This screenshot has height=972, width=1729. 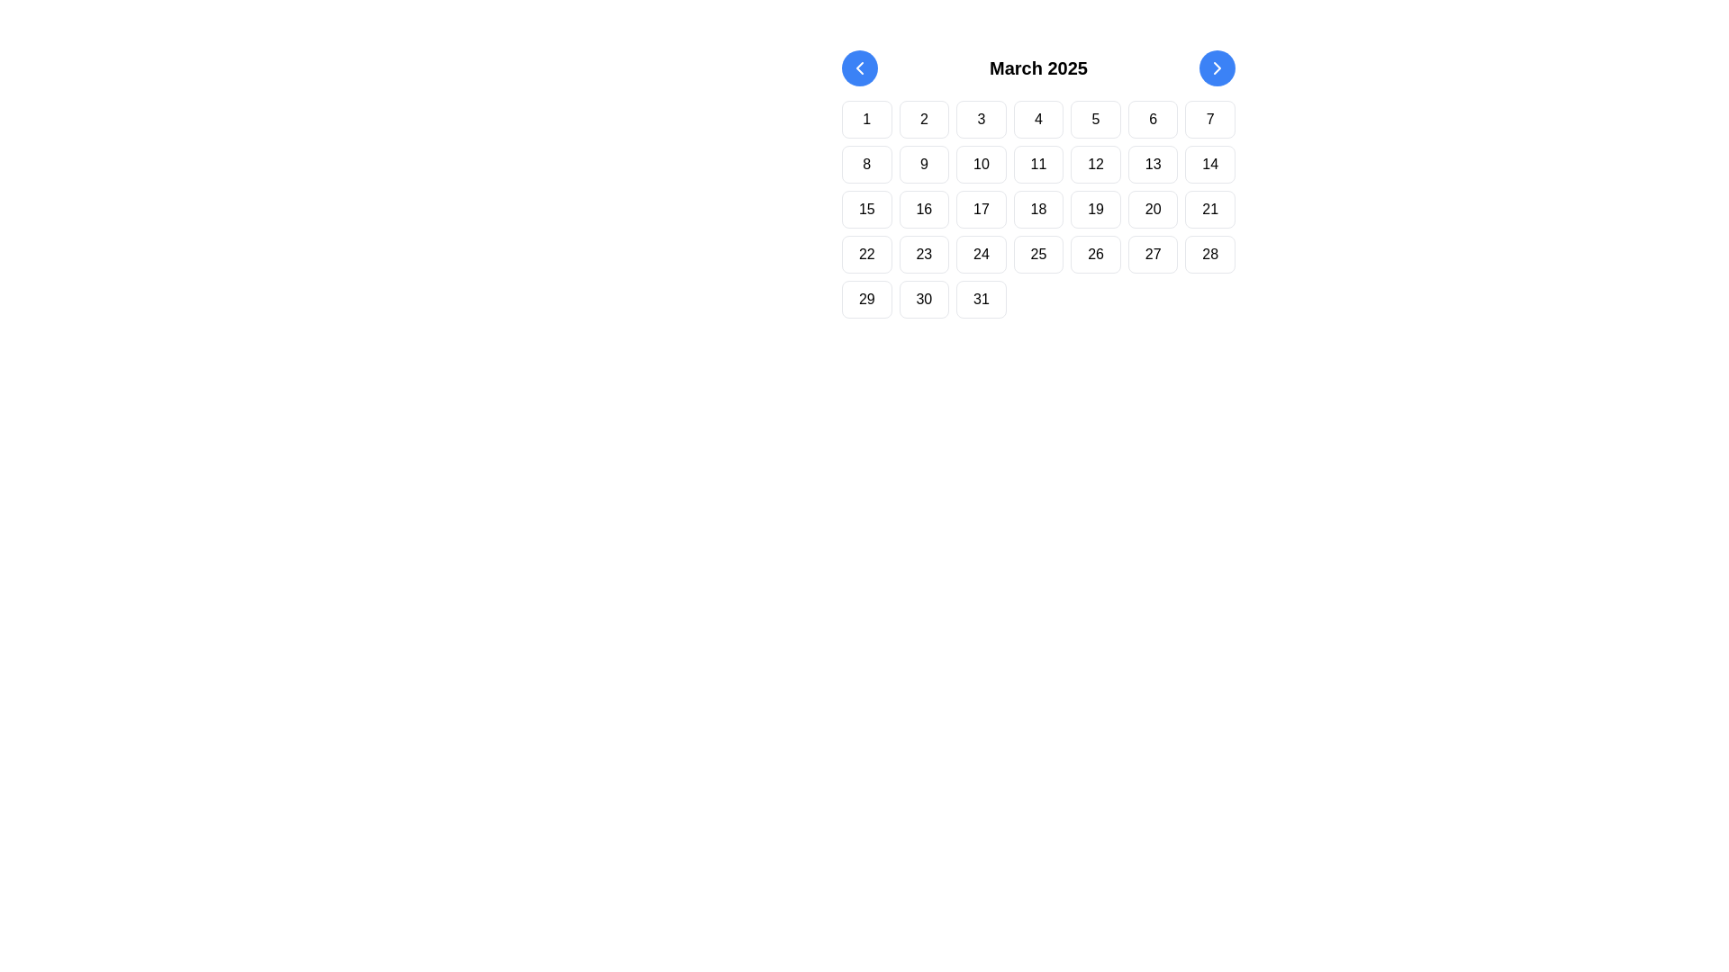 What do you see at coordinates (1095, 164) in the screenshot?
I see `the square-shaped button with rounded edges labeled '12'` at bounding box center [1095, 164].